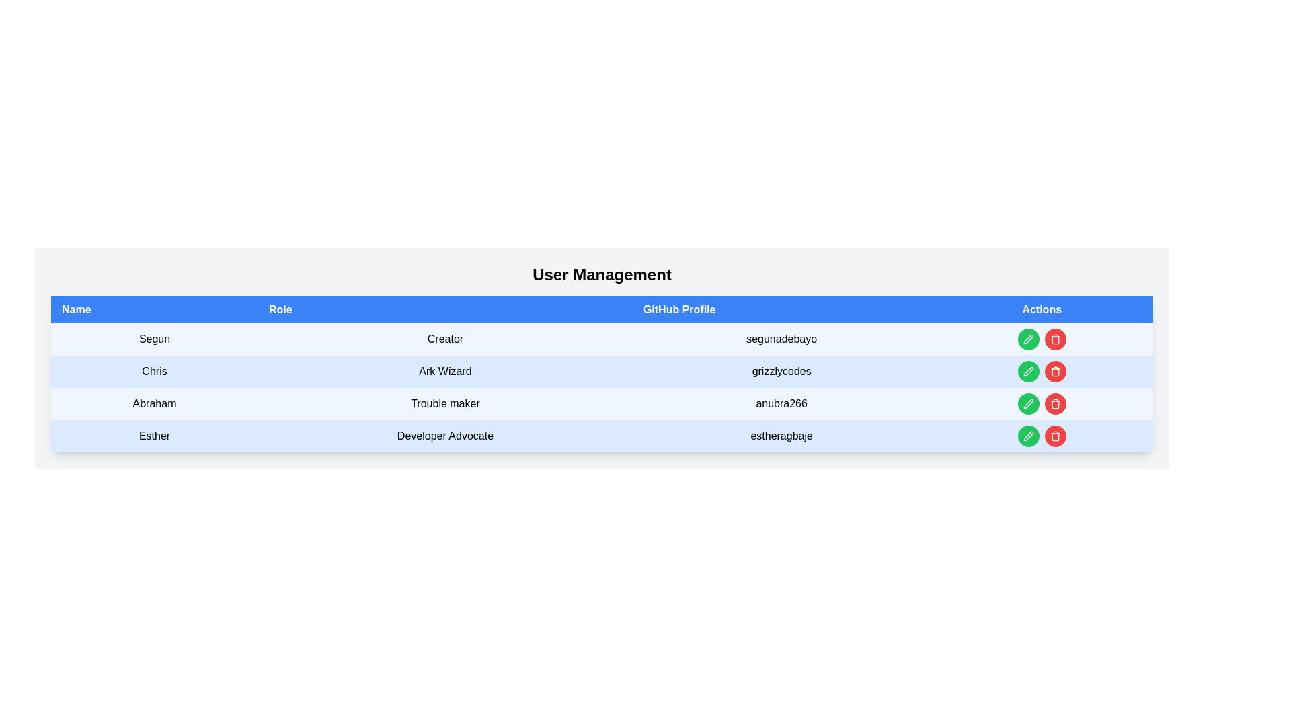  What do you see at coordinates (1054, 372) in the screenshot?
I see `the trash can icon located in the 'Actions' column of the user management table for the row corresponding to 'Chris' to initiate the delete action` at bounding box center [1054, 372].